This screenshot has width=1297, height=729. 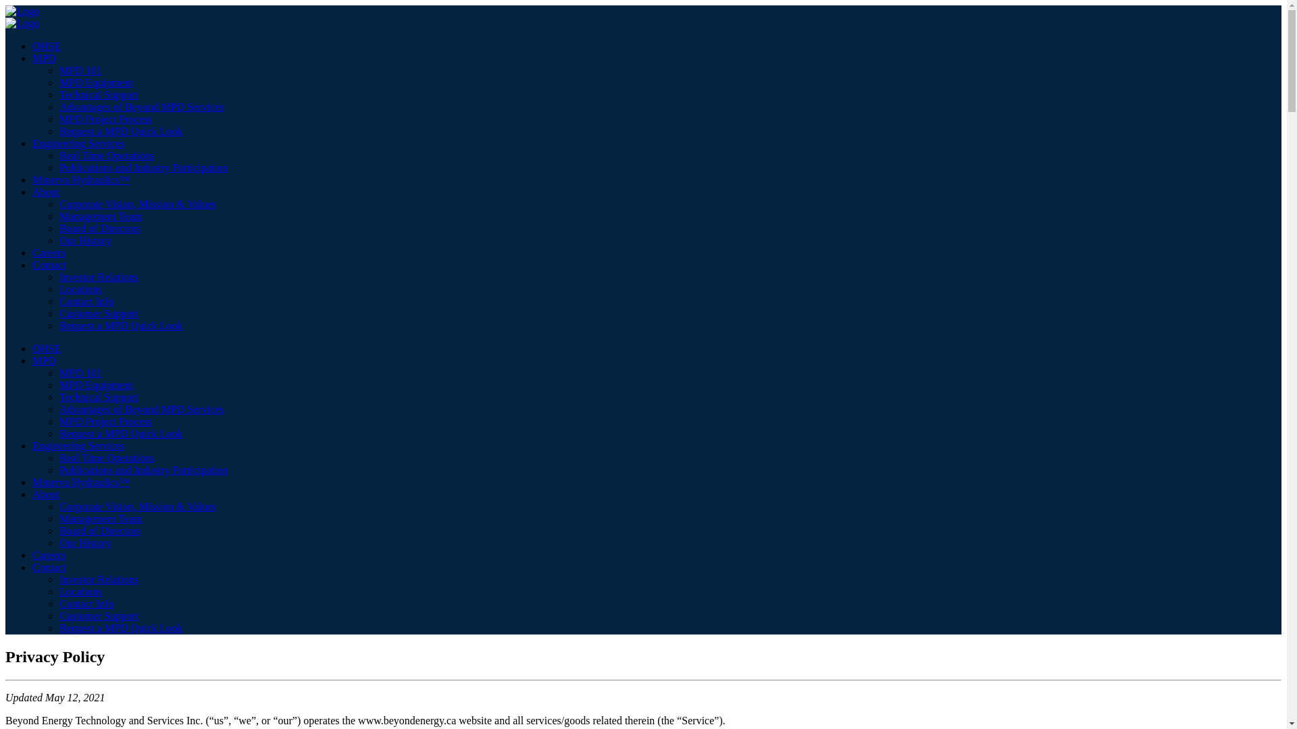 What do you see at coordinates (58, 155) in the screenshot?
I see `'Real Time Operations'` at bounding box center [58, 155].